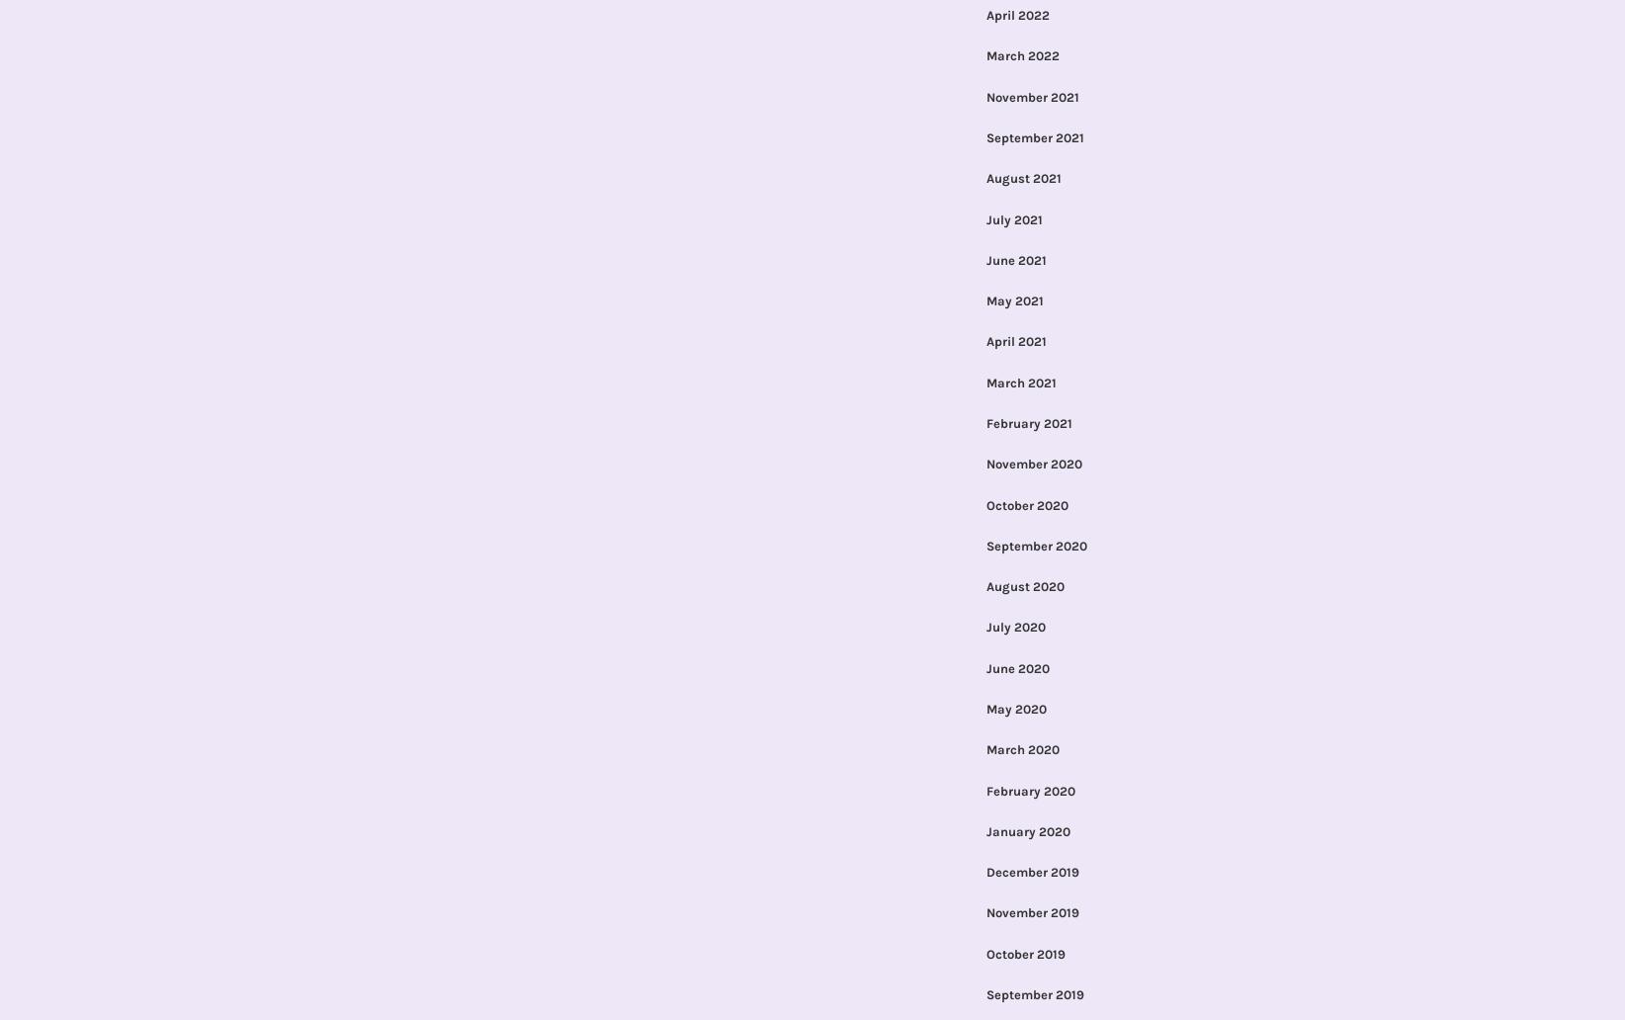 The image size is (1625, 1020). What do you see at coordinates (1014, 707) in the screenshot?
I see `'May 2020'` at bounding box center [1014, 707].